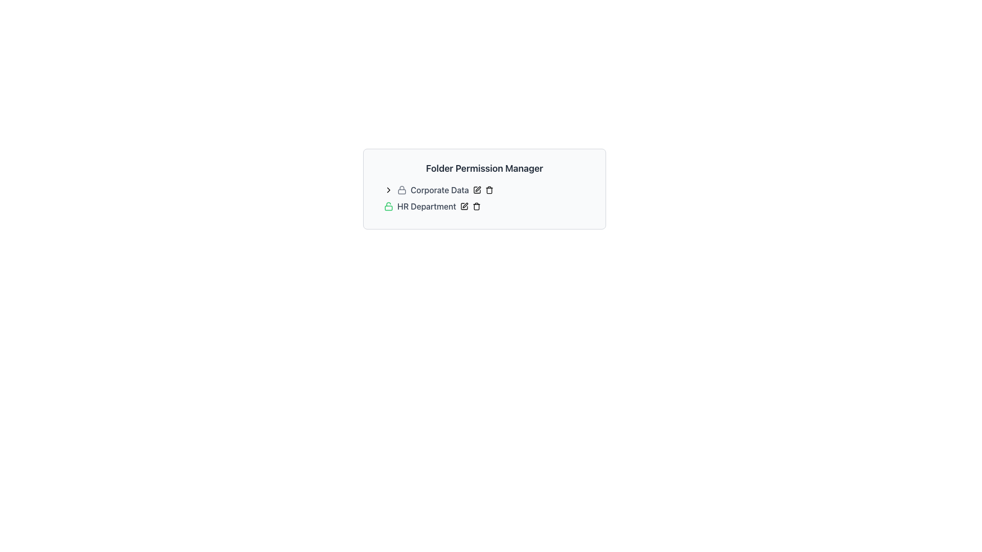 Image resolution: width=982 pixels, height=552 pixels. Describe the element at coordinates (439, 190) in the screenshot. I see `the static text label indicating the name of a folder or category within the permission management interface, located between a lock icon and edit/trash icons` at that location.